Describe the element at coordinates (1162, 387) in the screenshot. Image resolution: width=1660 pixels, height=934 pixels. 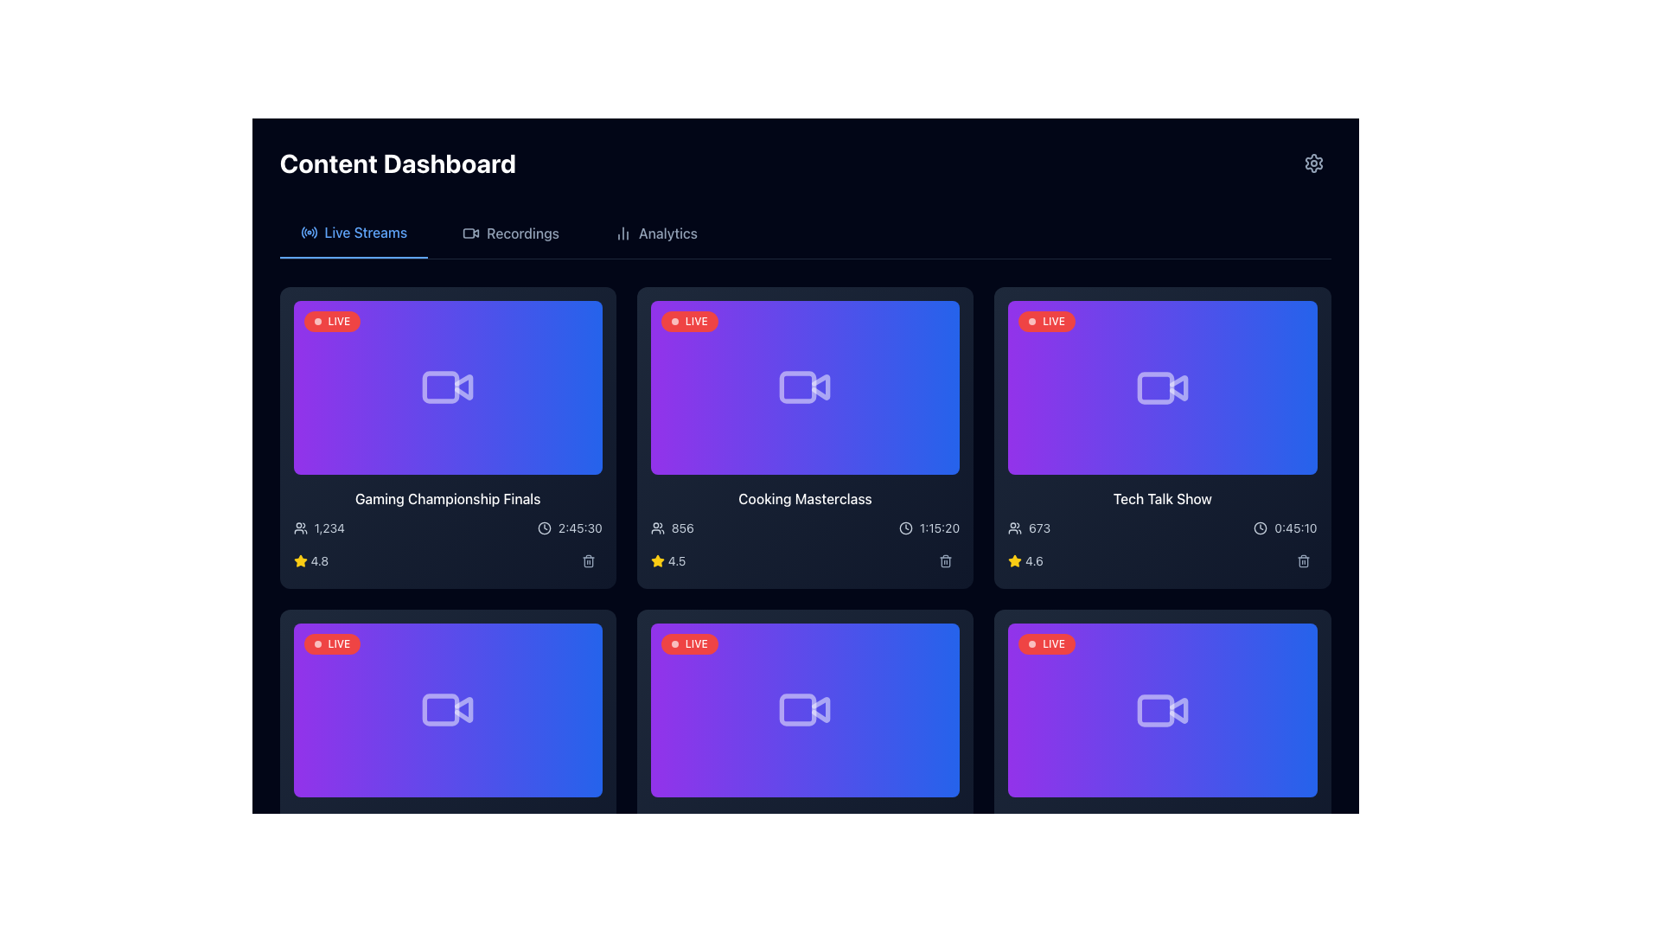
I see `the video camera icon located in the central portion of the 'Tech Talk Show' card on the dashboard` at that location.